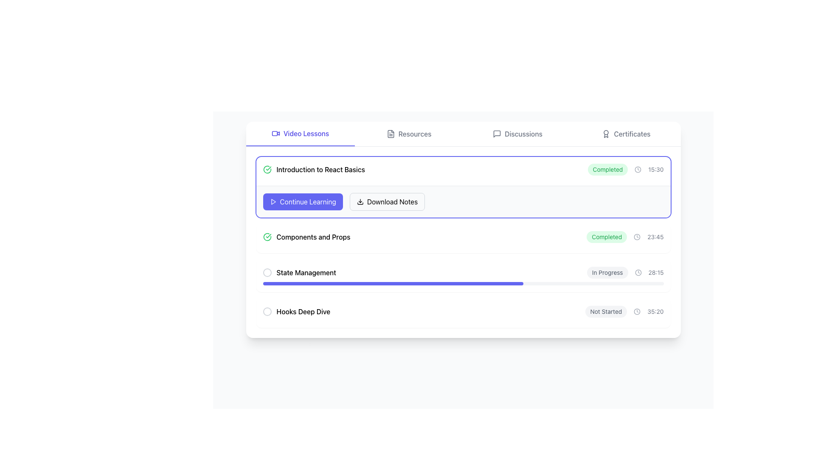 The height and width of the screenshot is (458, 815). What do you see at coordinates (638, 273) in the screenshot?
I see `the clock icon located in the 'State Management' row, which is positioned to the right of the 'In Progress' status tag and just before the time display '28:15'` at bounding box center [638, 273].